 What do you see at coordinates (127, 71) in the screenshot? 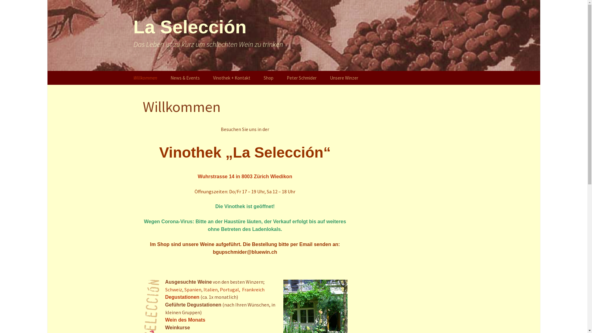
I see `'Zum Inhalt springen'` at bounding box center [127, 71].